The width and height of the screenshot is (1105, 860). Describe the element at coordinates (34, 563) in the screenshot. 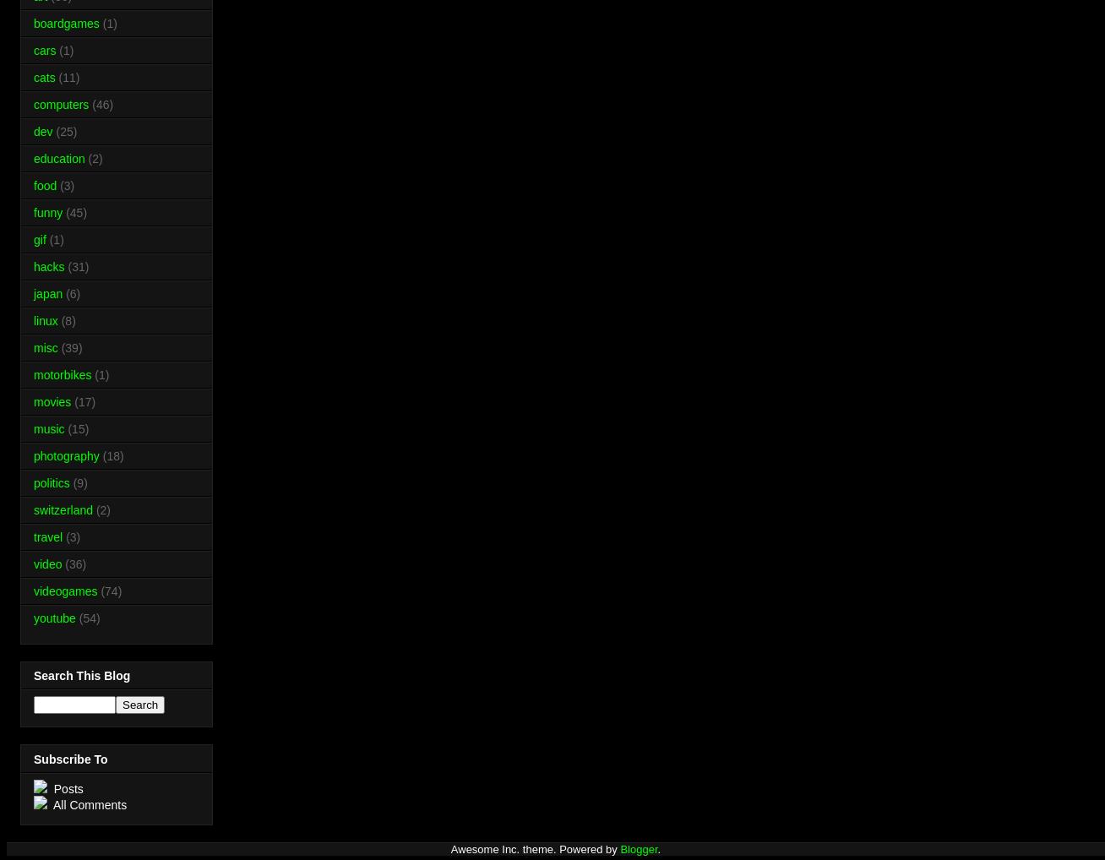

I see `'video'` at that location.